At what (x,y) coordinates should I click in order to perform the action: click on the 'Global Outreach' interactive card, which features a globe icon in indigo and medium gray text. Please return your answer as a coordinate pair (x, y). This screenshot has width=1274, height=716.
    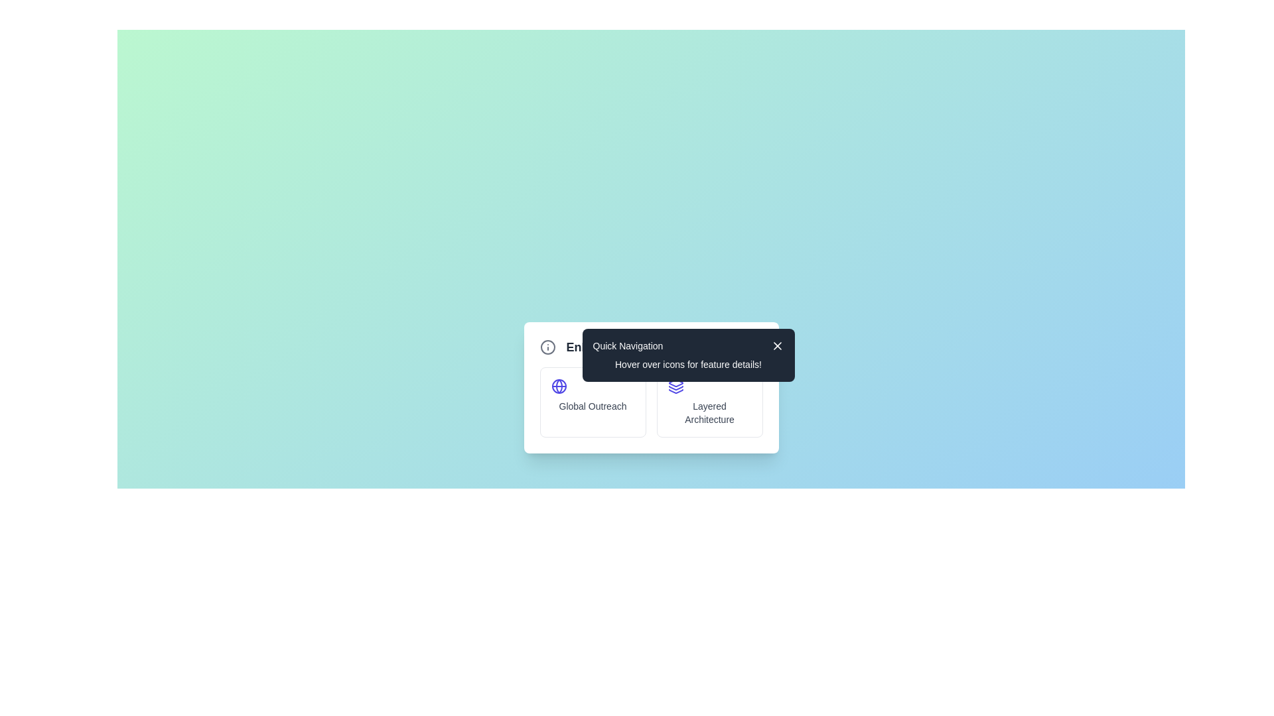
    Looking at the image, I should click on (592, 401).